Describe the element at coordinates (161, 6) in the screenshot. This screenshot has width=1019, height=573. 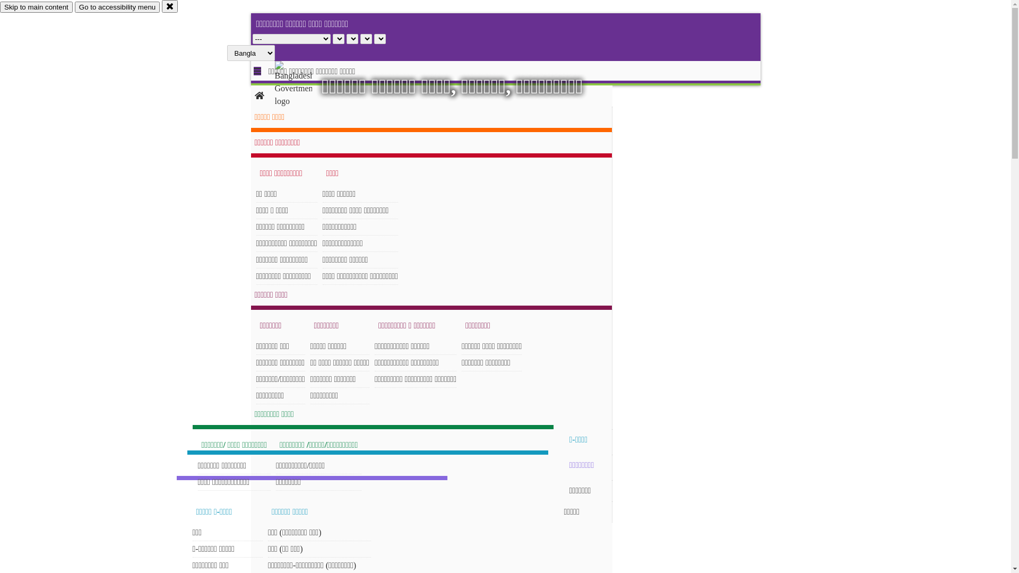
I see `'close'` at that location.